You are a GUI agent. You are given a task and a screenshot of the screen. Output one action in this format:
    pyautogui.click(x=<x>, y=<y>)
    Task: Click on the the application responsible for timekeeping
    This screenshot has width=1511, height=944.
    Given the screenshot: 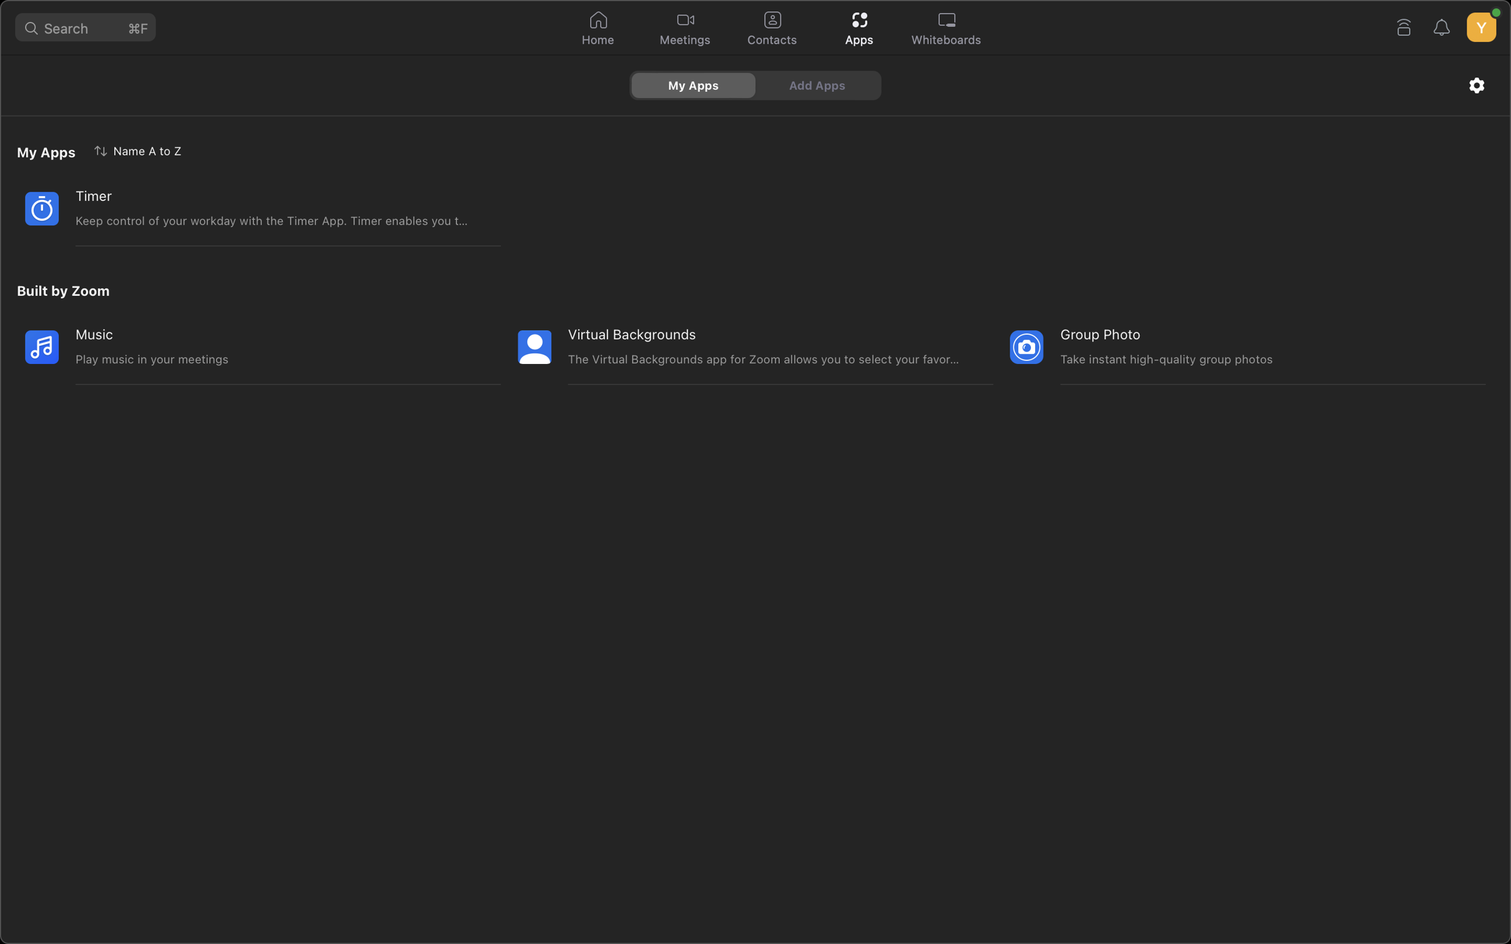 What is the action you would take?
    pyautogui.click(x=244, y=208)
    